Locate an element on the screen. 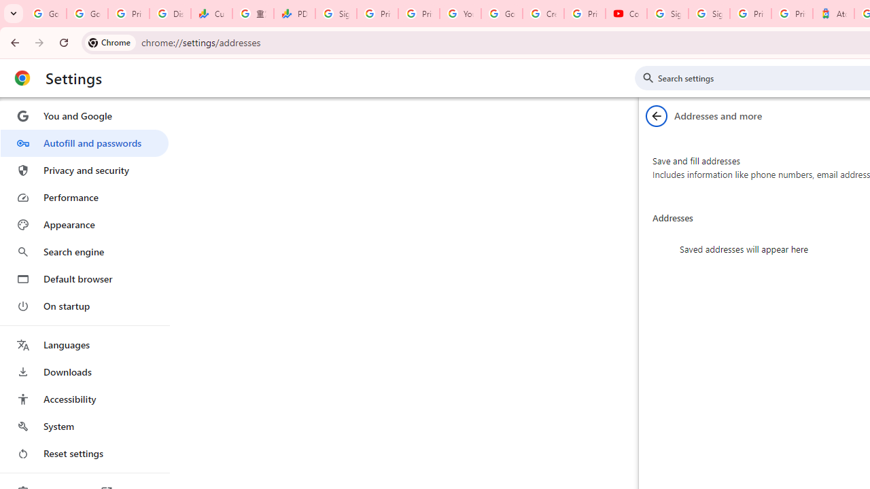  'You and Google' is located at coordinates (84, 115).